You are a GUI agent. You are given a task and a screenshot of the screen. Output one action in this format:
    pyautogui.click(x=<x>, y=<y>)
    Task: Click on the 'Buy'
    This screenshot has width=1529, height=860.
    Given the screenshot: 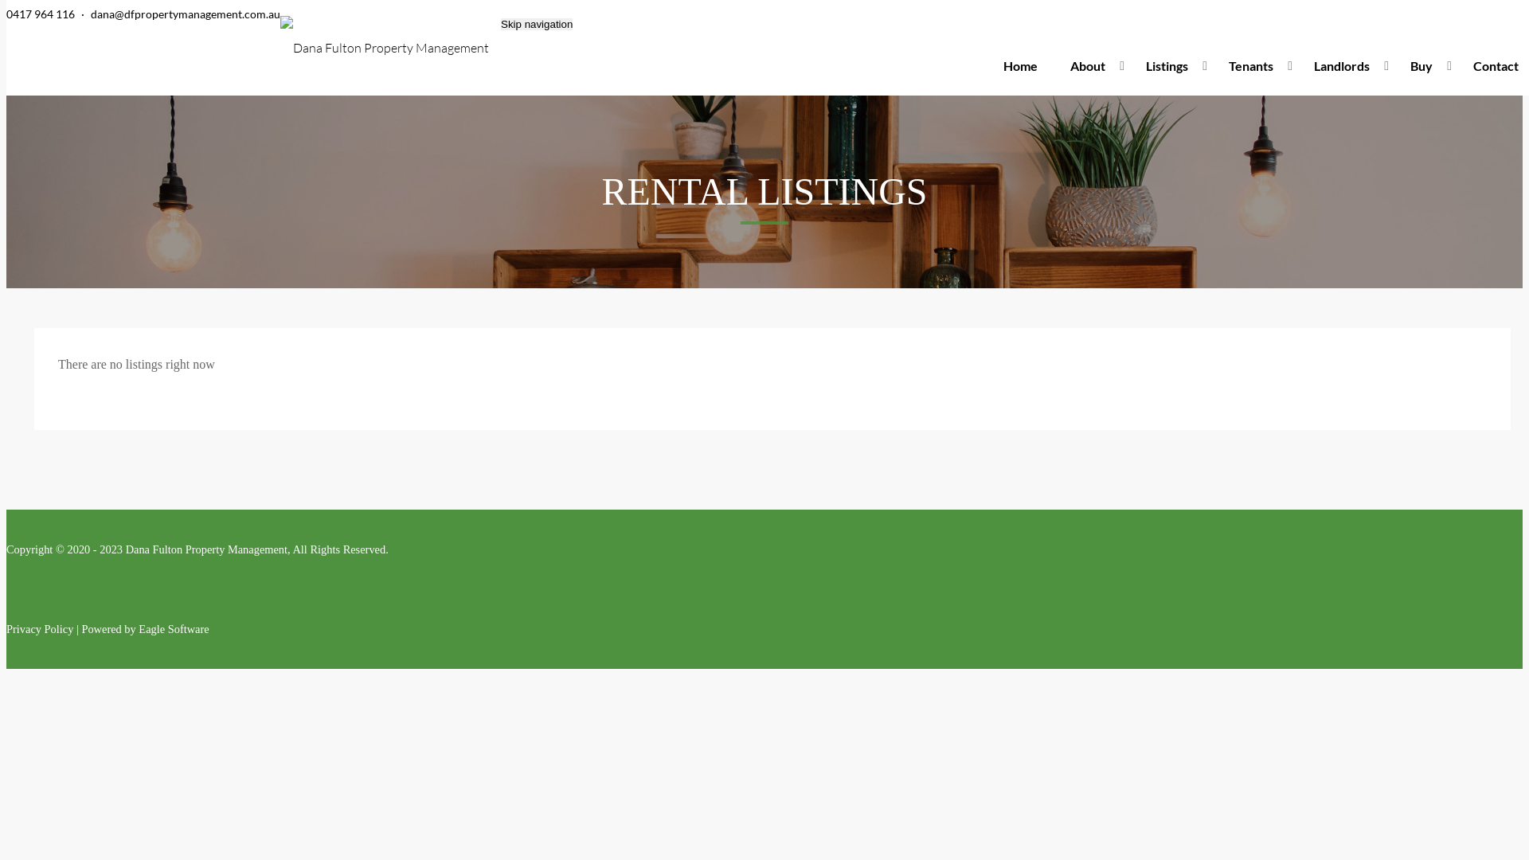 What is the action you would take?
    pyautogui.click(x=1425, y=65)
    